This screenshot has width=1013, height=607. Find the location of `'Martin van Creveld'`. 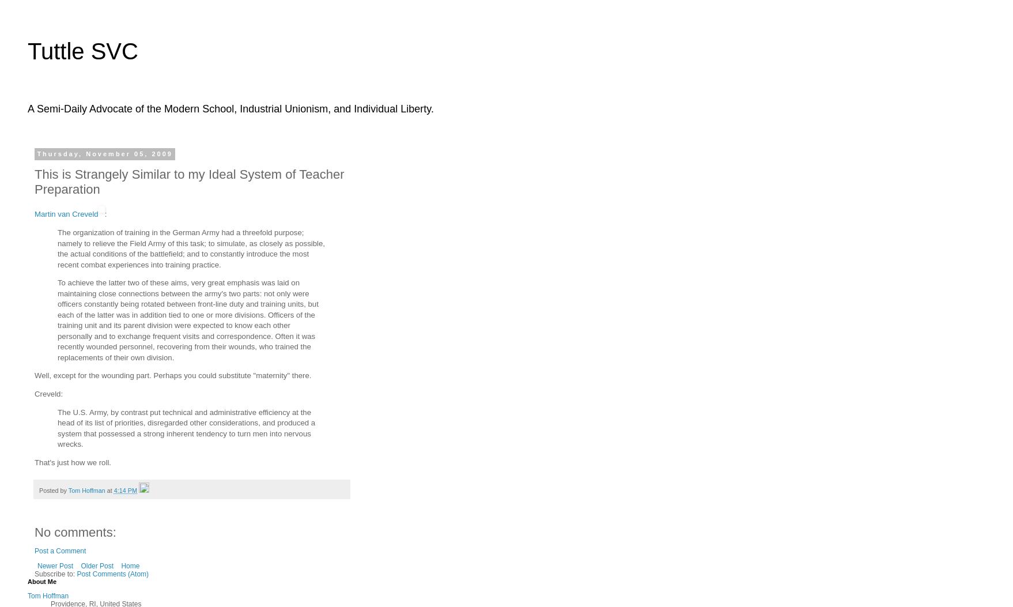

'Martin van Creveld' is located at coordinates (66, 213).